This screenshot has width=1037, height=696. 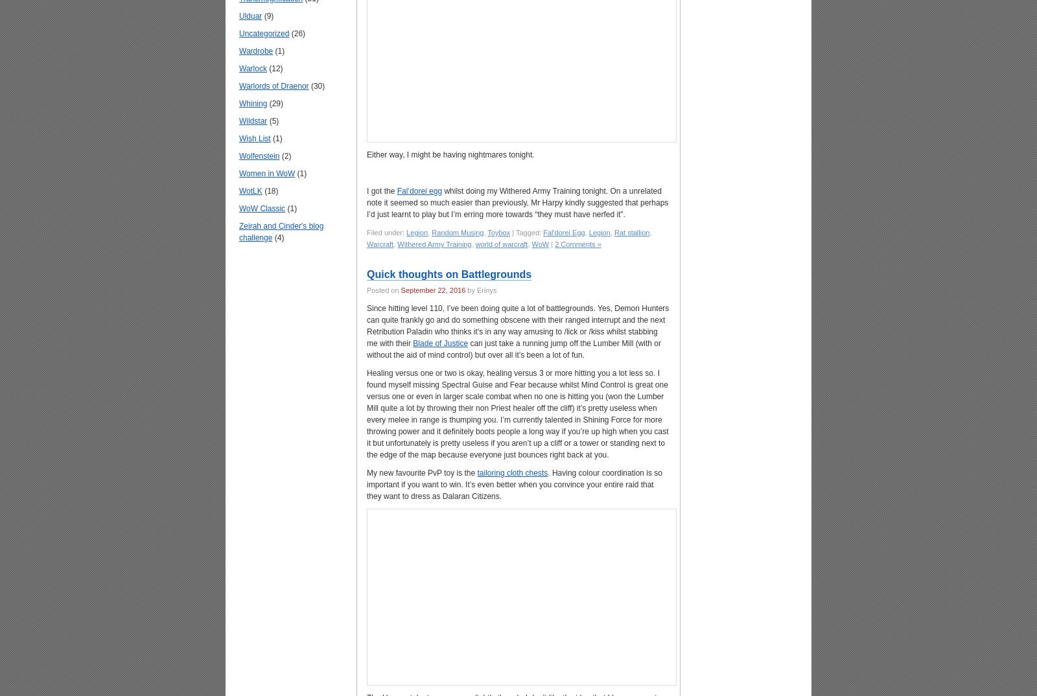 What do you see at coordinates (366, 414) in the screenshot?
I see `'Healing versus one or two is okay, healing versus 3 or more hitting you a lot less so. I found myself missing Spectral Guise and Fear because whilst Mind Control is great one versus one or even in larger scale combat when no one is hitting you (won the Lumber Mill quite a lot by throwing their non Priest healer off the cliff) it’s pretty useless when every melee in range is thumping you. I’m currently talented in Shining Force for more throwing power and it definitely boots people a long way if you’re up high when you cast it but unfortunately is pretty useless if you aren’t up a cliff or a tower or standing next to the edge of the map because everyone just bounces right back at you.'` at bounding box center [366, 414].